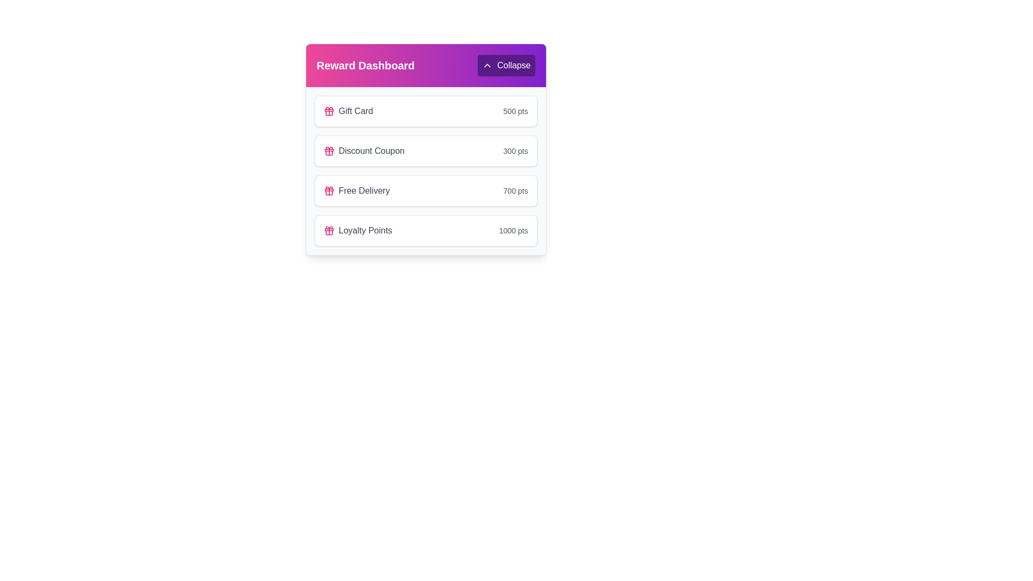  I want to click on the static text label 'Loyalty Points' which is the last item in the reward types list within the 'Reward Dashboard' card, so click(365, 230).